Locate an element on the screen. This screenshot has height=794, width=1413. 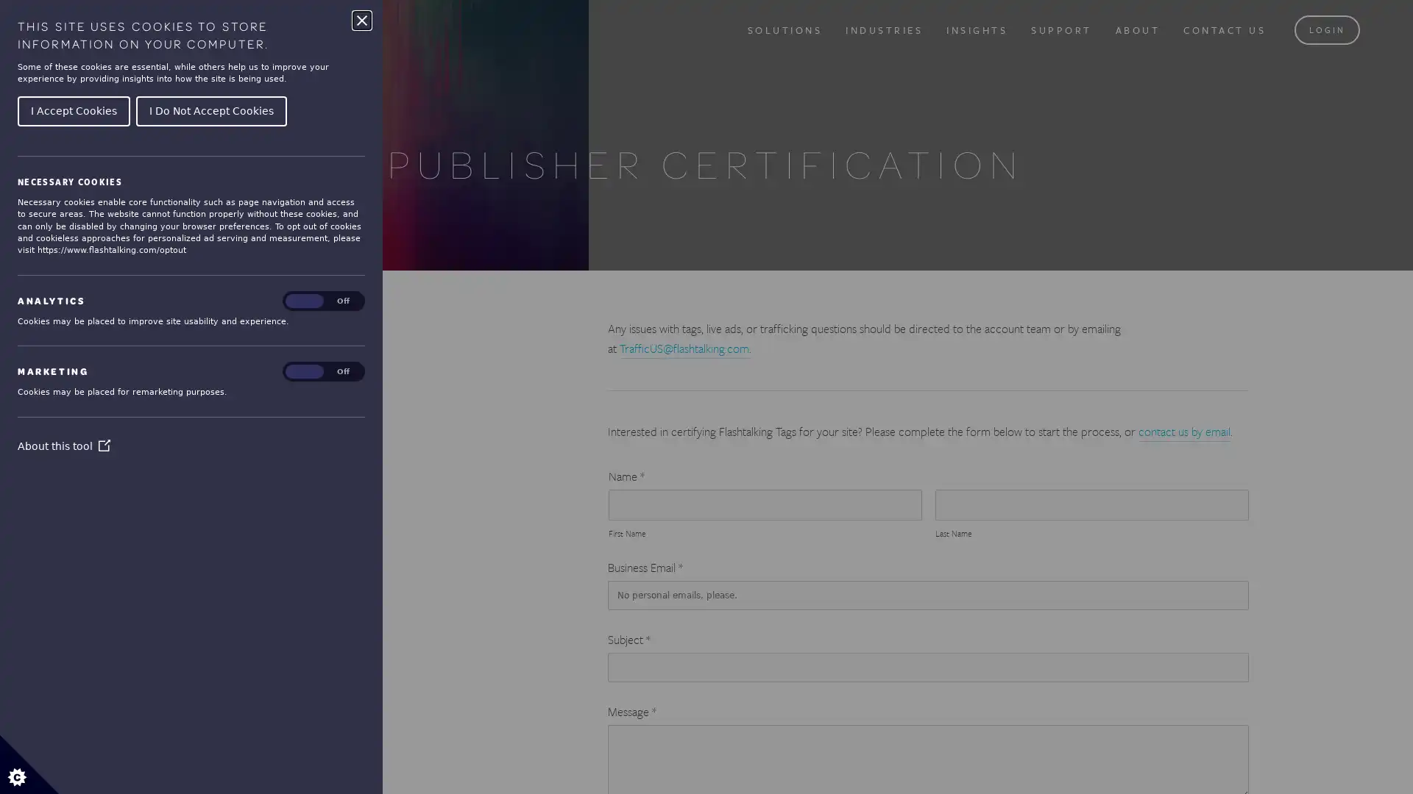
I Accept Cookies is located at coordinates (73, 110).